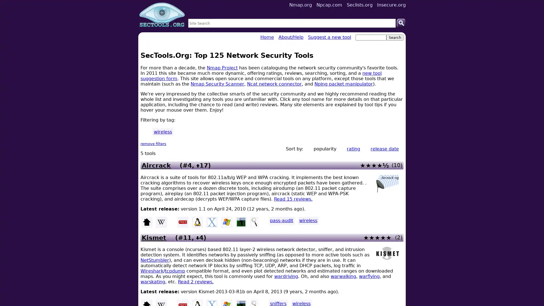 This screenshot has width=544, height=306. What do you see at coordinates (401, 23) in the screenshot?
I see `Search` at bounding box center [401, 23].